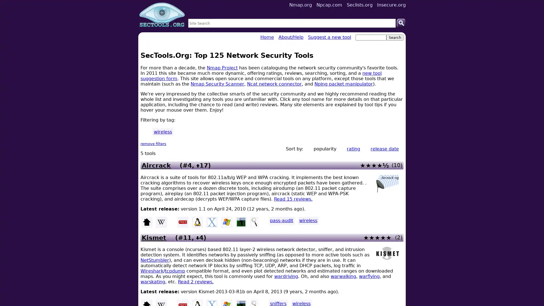 This screenshot has width=544, height=306. What do you see at coordinates (401, 23) in the screenshot?
I see `Search` at bounding box center [401, 23].